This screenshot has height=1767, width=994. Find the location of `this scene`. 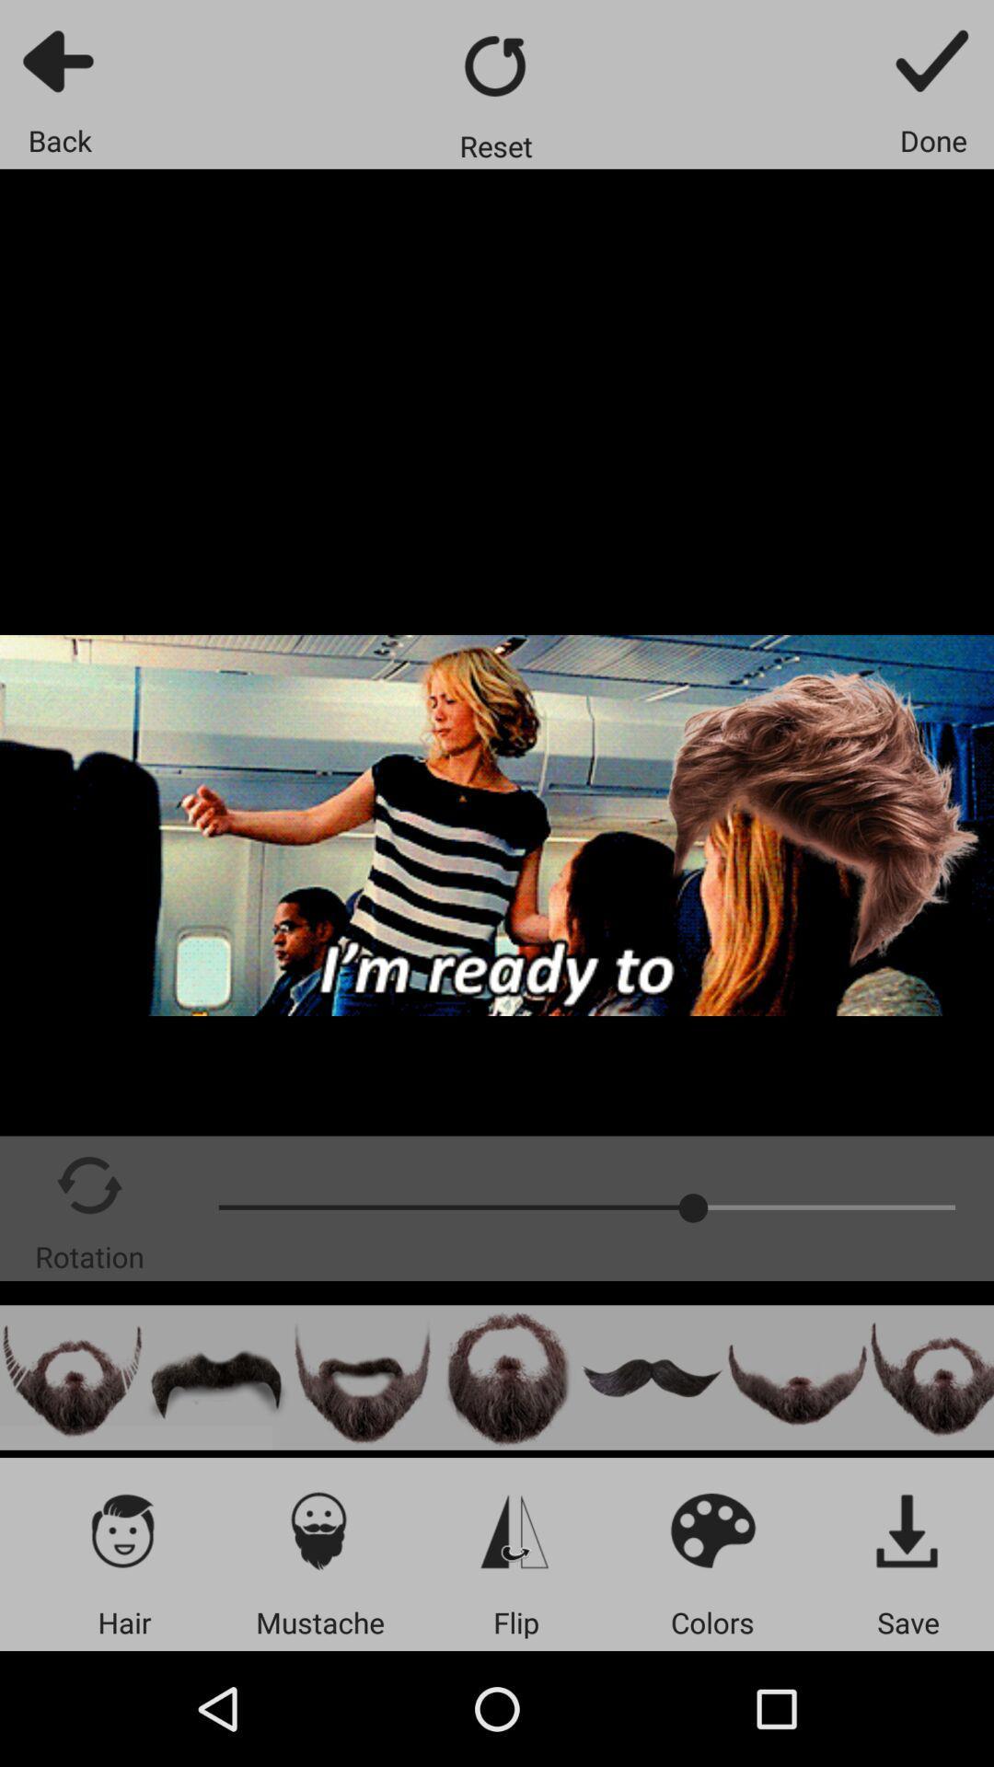

this scene is located at coordinates (71, 1378).